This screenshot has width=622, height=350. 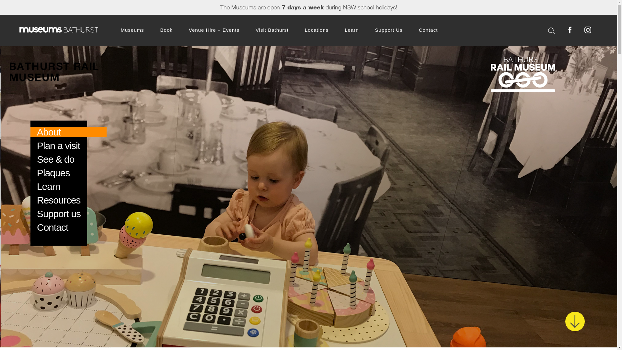 What do you see at coordinates (52, 227) in the screenshot?
I see `'Contact'` at bounding box center [52, 227].